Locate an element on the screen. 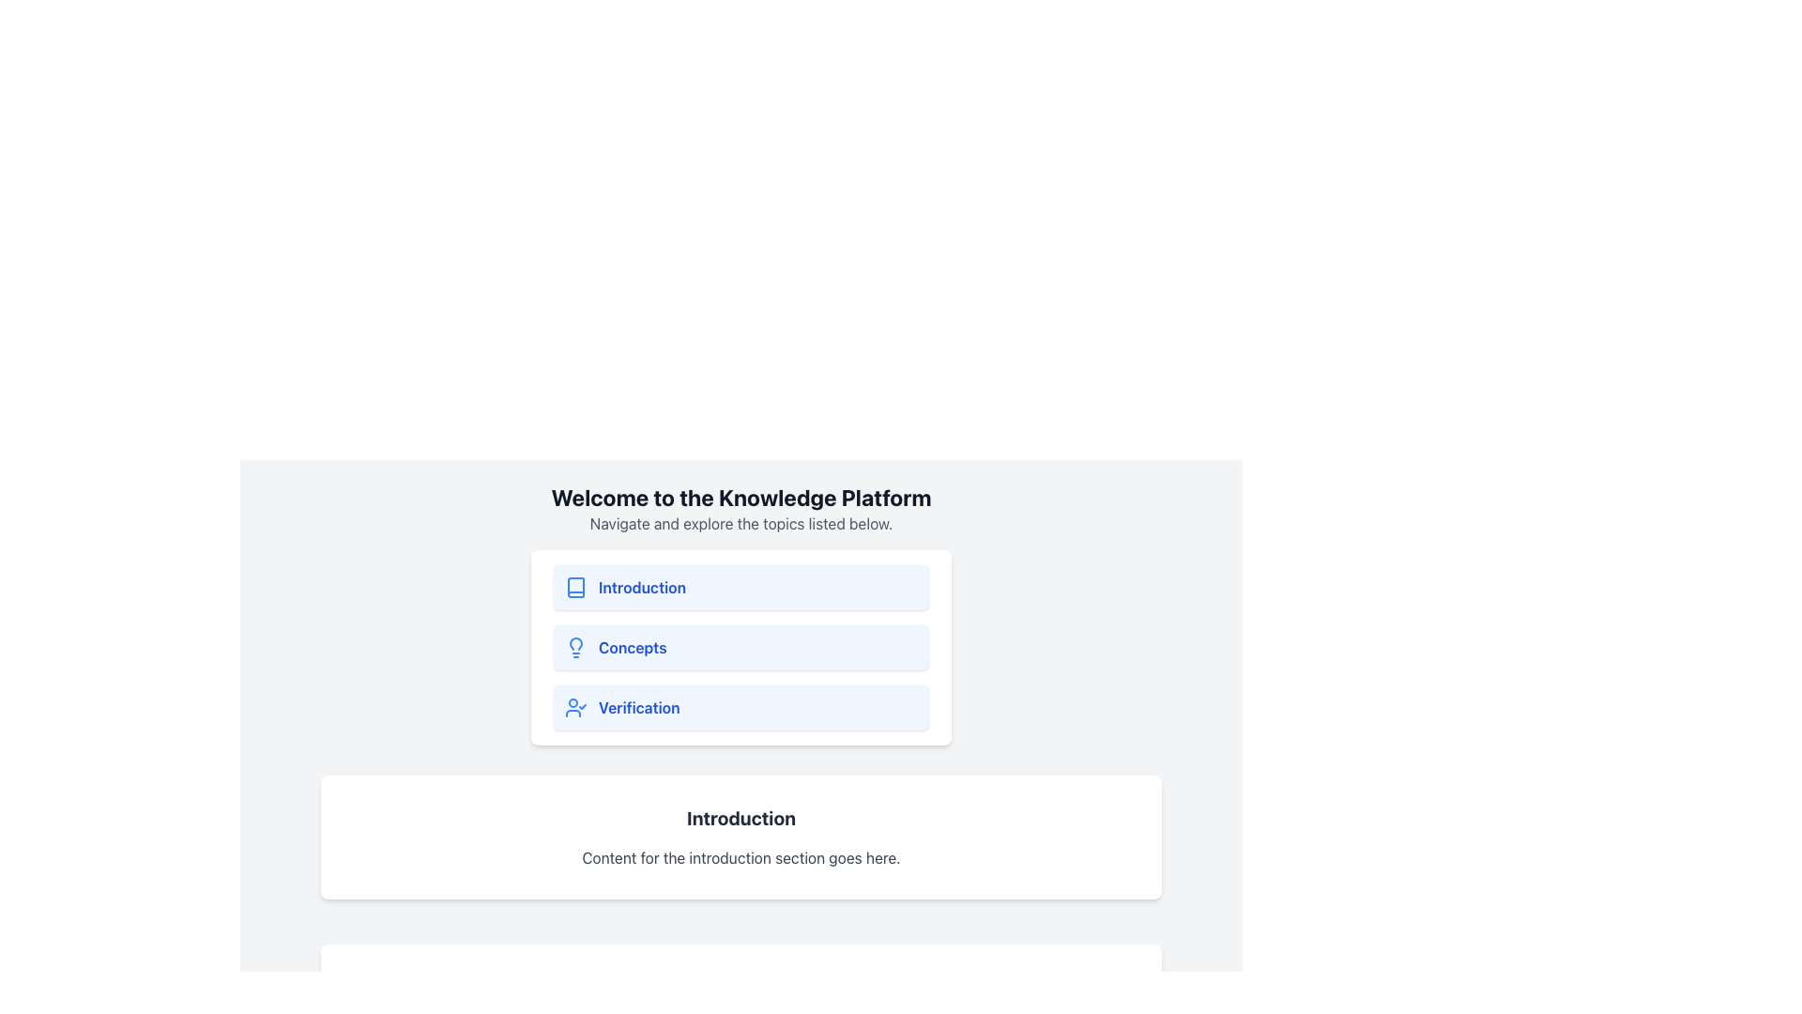 This screenshot has height=1014, width=1802. the text label displaying 'Concepts' in a bold blue font, which is positioned within a rounded button-like structure between the 'Introduction' and 'Verification' buttons is located at coordinates (633, 647).